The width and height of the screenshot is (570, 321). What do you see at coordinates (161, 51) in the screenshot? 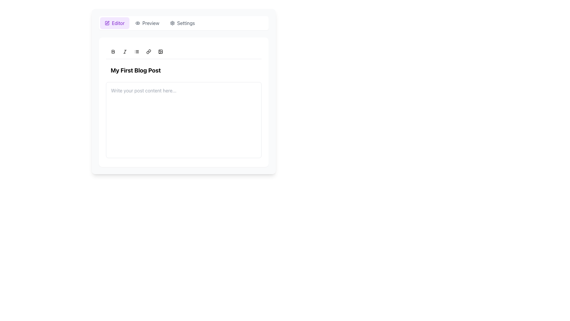
I see `the button displaying an image icon representing a photograph with a mountain and sun motif, located in the toolbar above the text editor` at bounding box center [161, 51].